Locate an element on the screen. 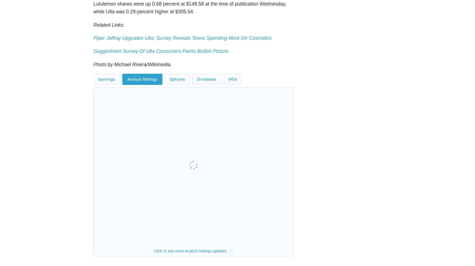 This screenshot has width=475, height=266. 'Analyst Ratings' is located at coordinates (142, 92).